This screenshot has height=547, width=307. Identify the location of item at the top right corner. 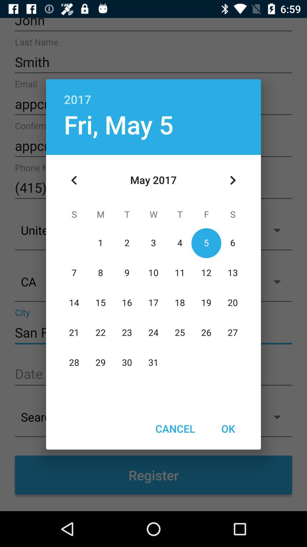
(233, 180).